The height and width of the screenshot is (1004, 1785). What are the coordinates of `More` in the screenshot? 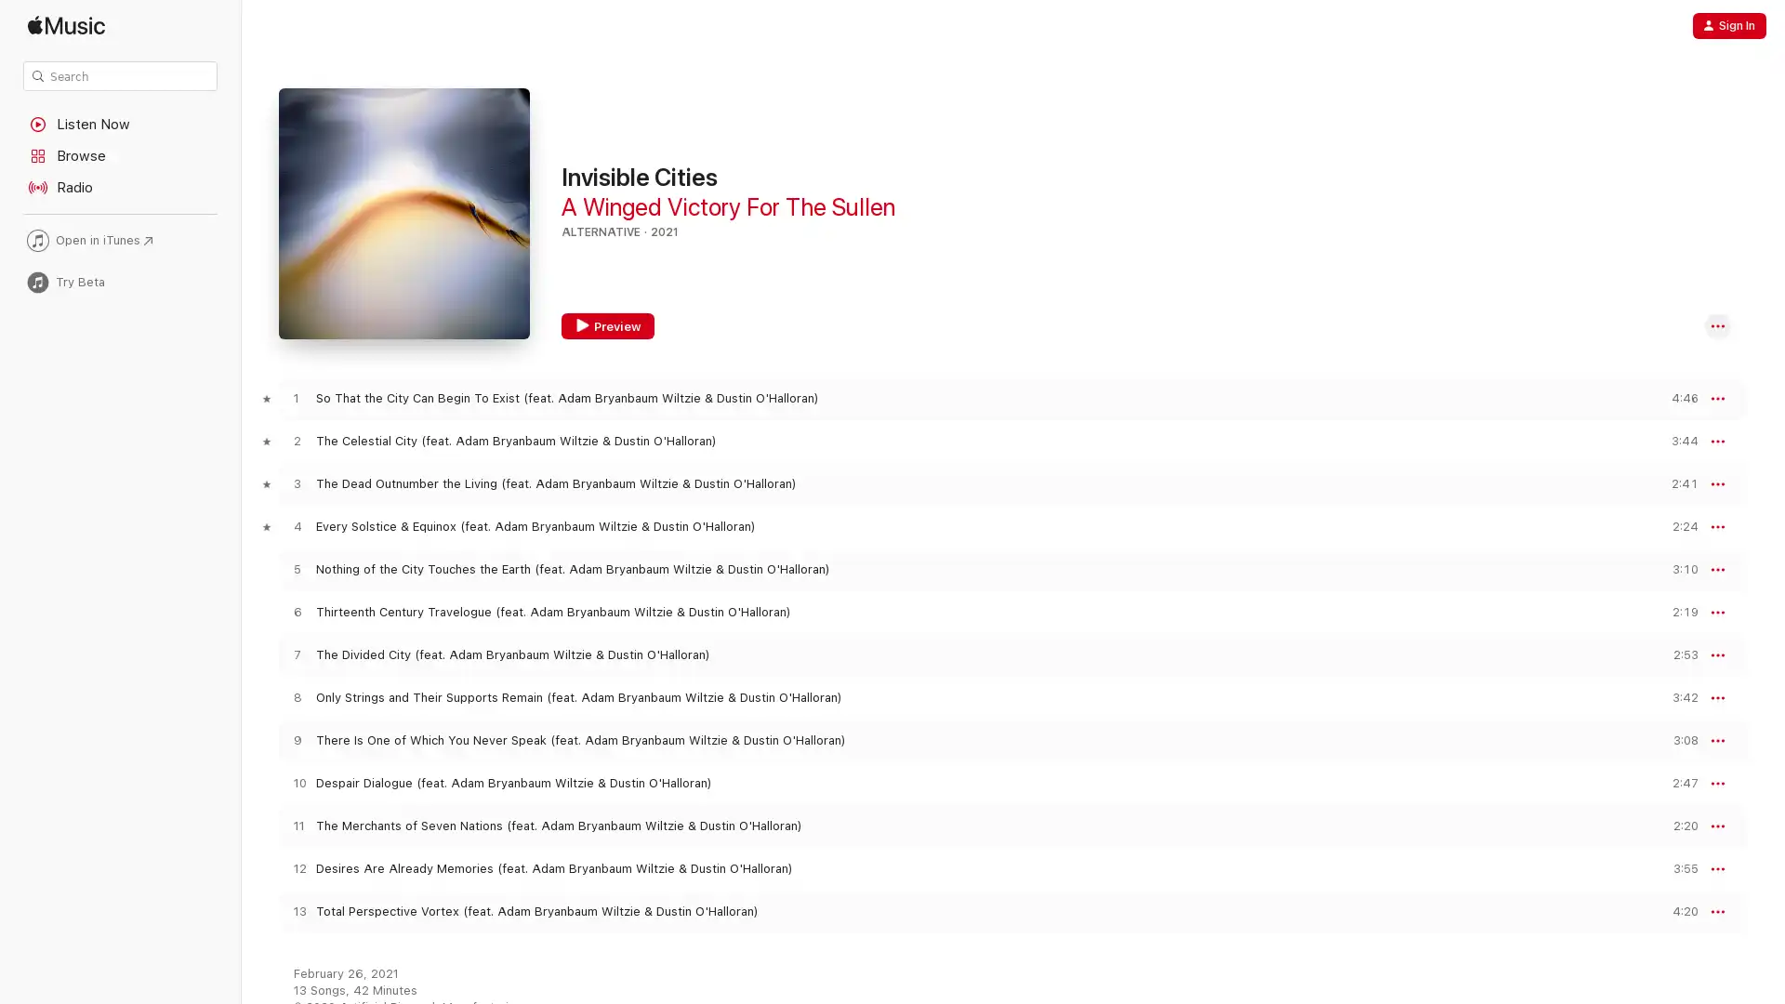 It's located at (1717, 825).